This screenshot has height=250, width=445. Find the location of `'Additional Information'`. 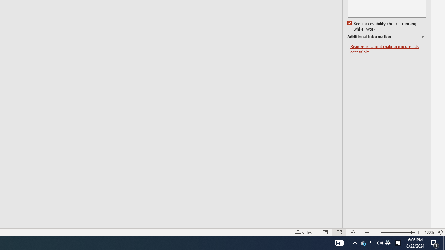

'Additional Information' is located at coordinates (386, 37).